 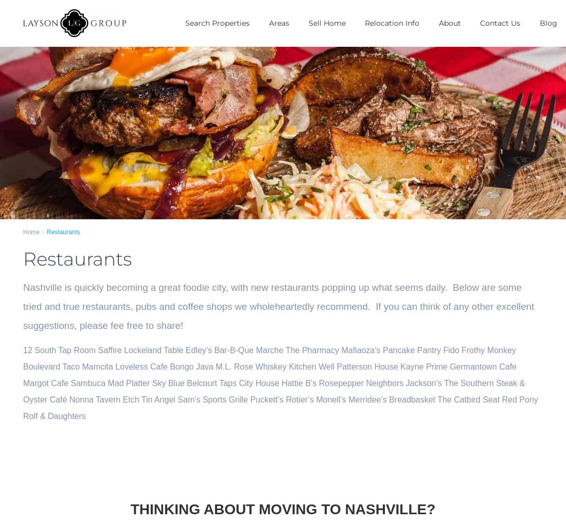 I want to click on 'Green Hills', so click(x=400, y=238).